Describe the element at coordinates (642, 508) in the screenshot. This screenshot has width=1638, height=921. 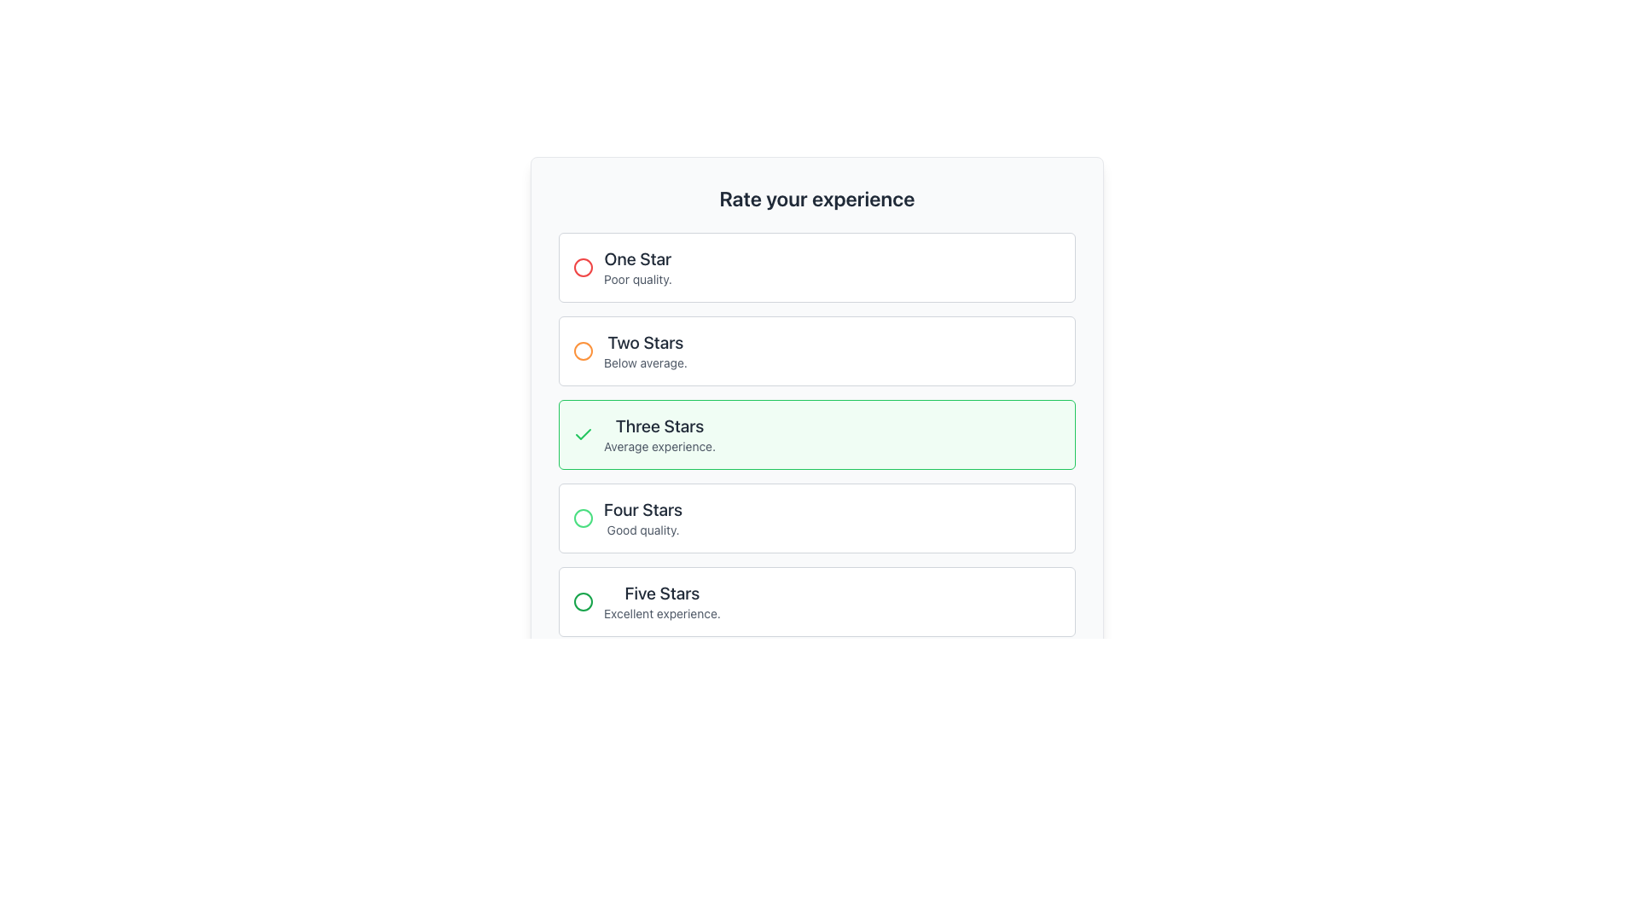
I see `text content of the 'Four Stars' label located in the fourth row of the rating options list` at that location.